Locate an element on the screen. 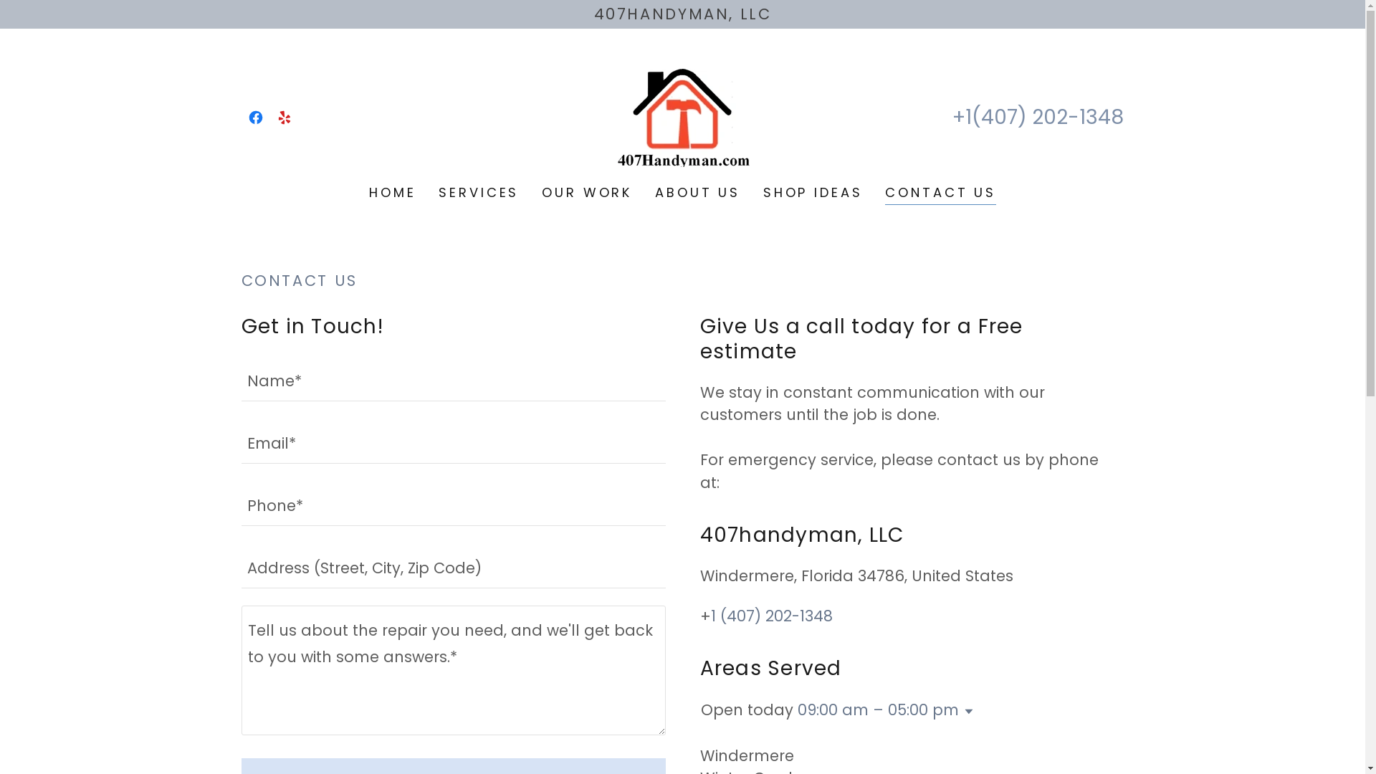 Image resolution: width=1376 pixels, height=774 pixels. 'HOME' is located at coordinates (364, 191).